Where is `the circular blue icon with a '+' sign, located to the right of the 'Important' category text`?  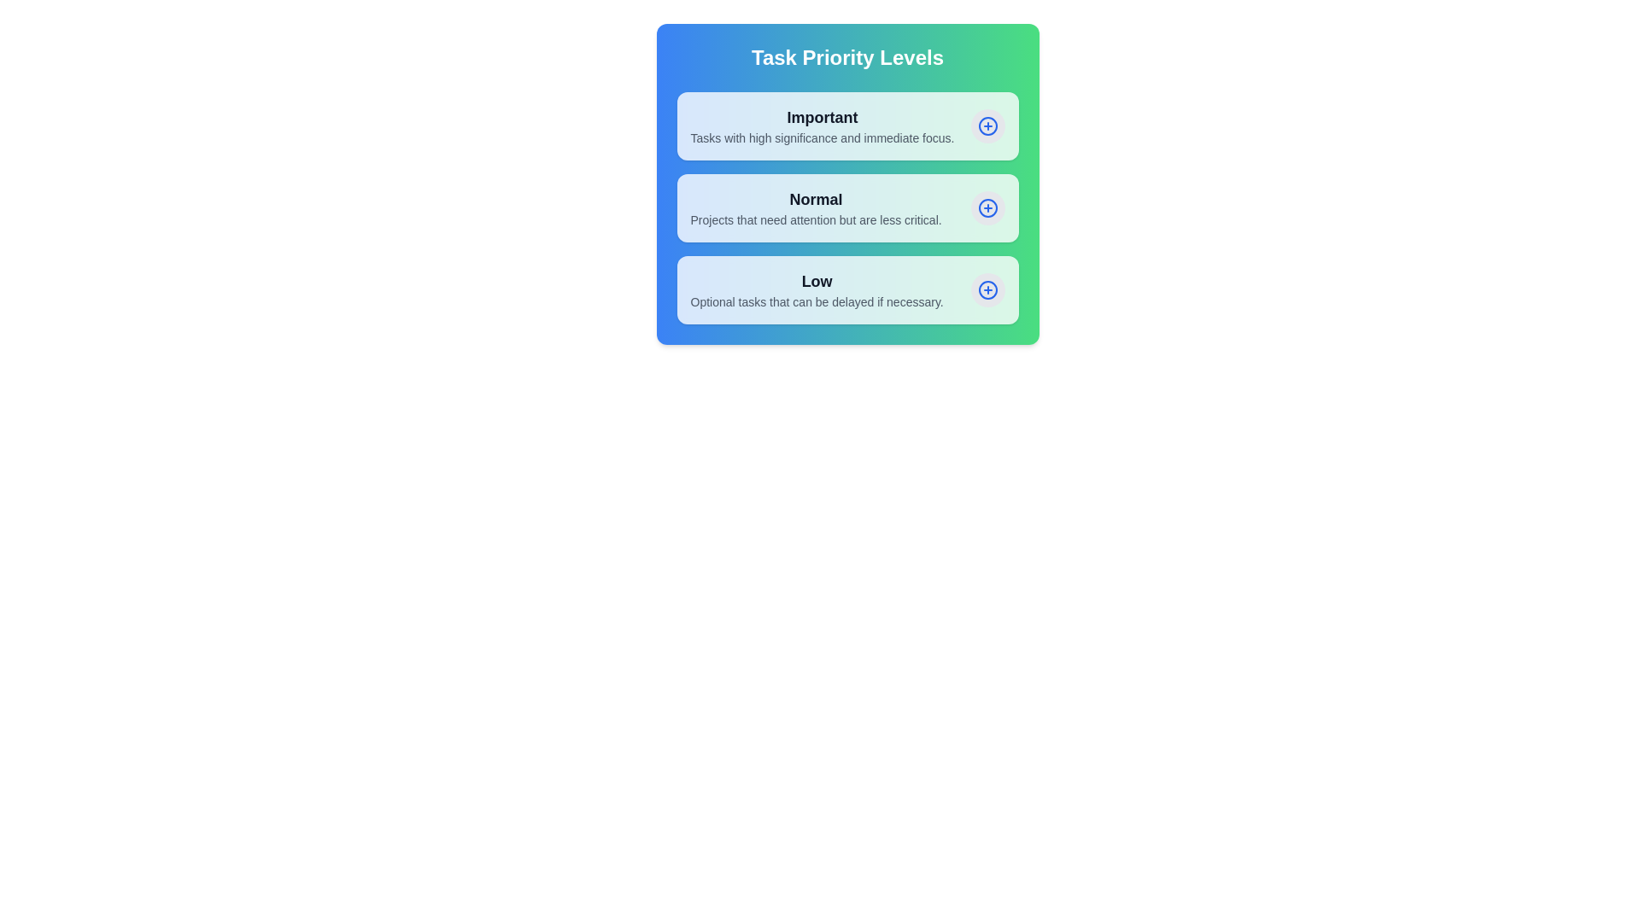
the circular blue icon with a '+' sign, located to the right of the 'Important' category text is located at coordinates (987, 125).